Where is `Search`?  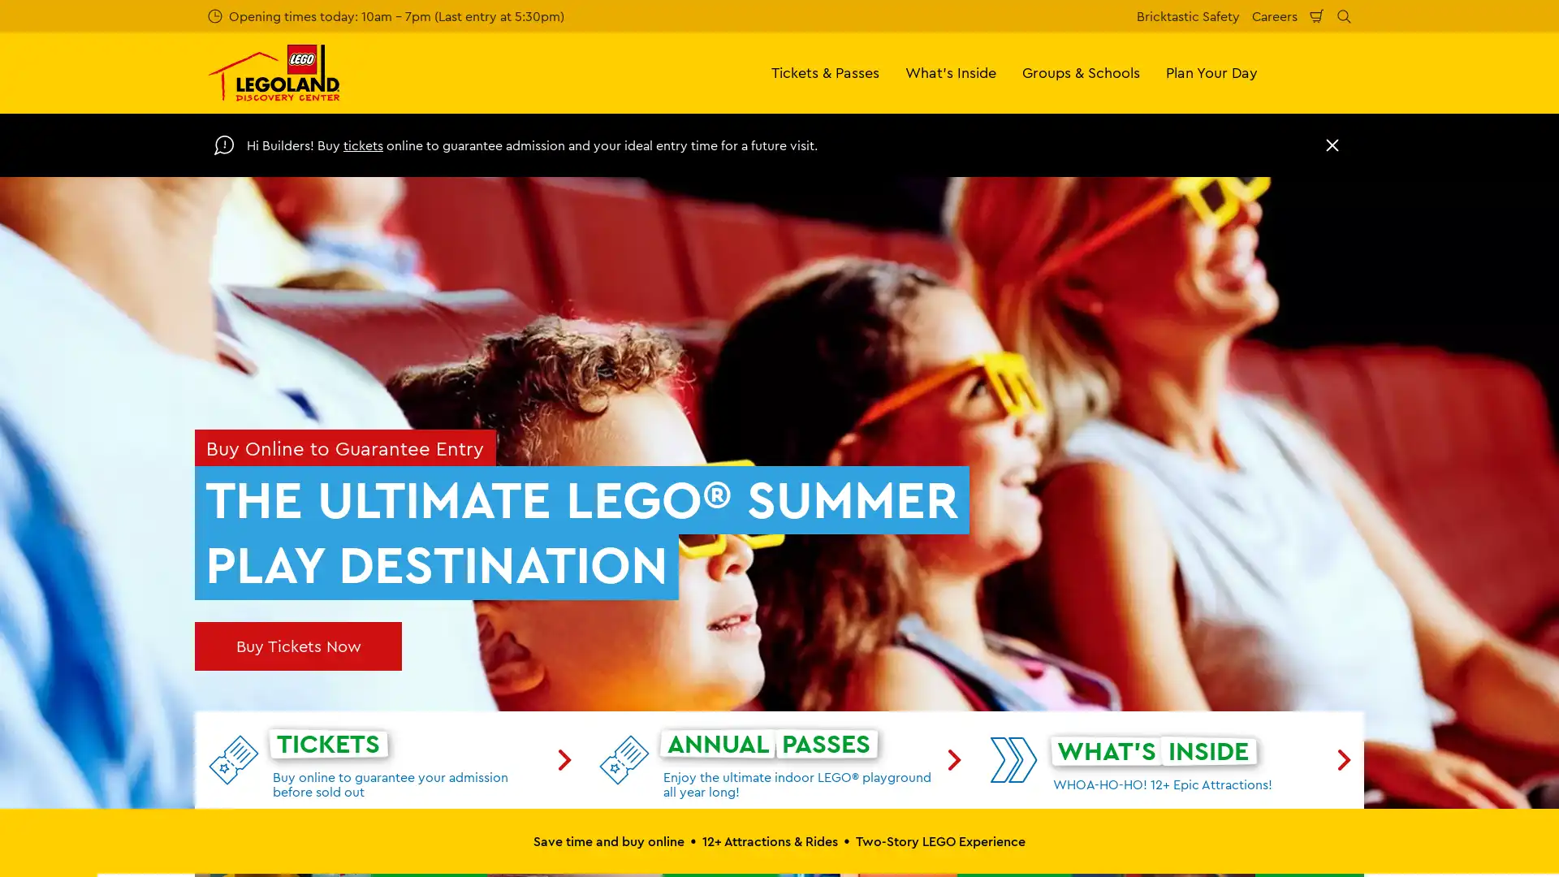
Search is located at coordinates (1344, 15).